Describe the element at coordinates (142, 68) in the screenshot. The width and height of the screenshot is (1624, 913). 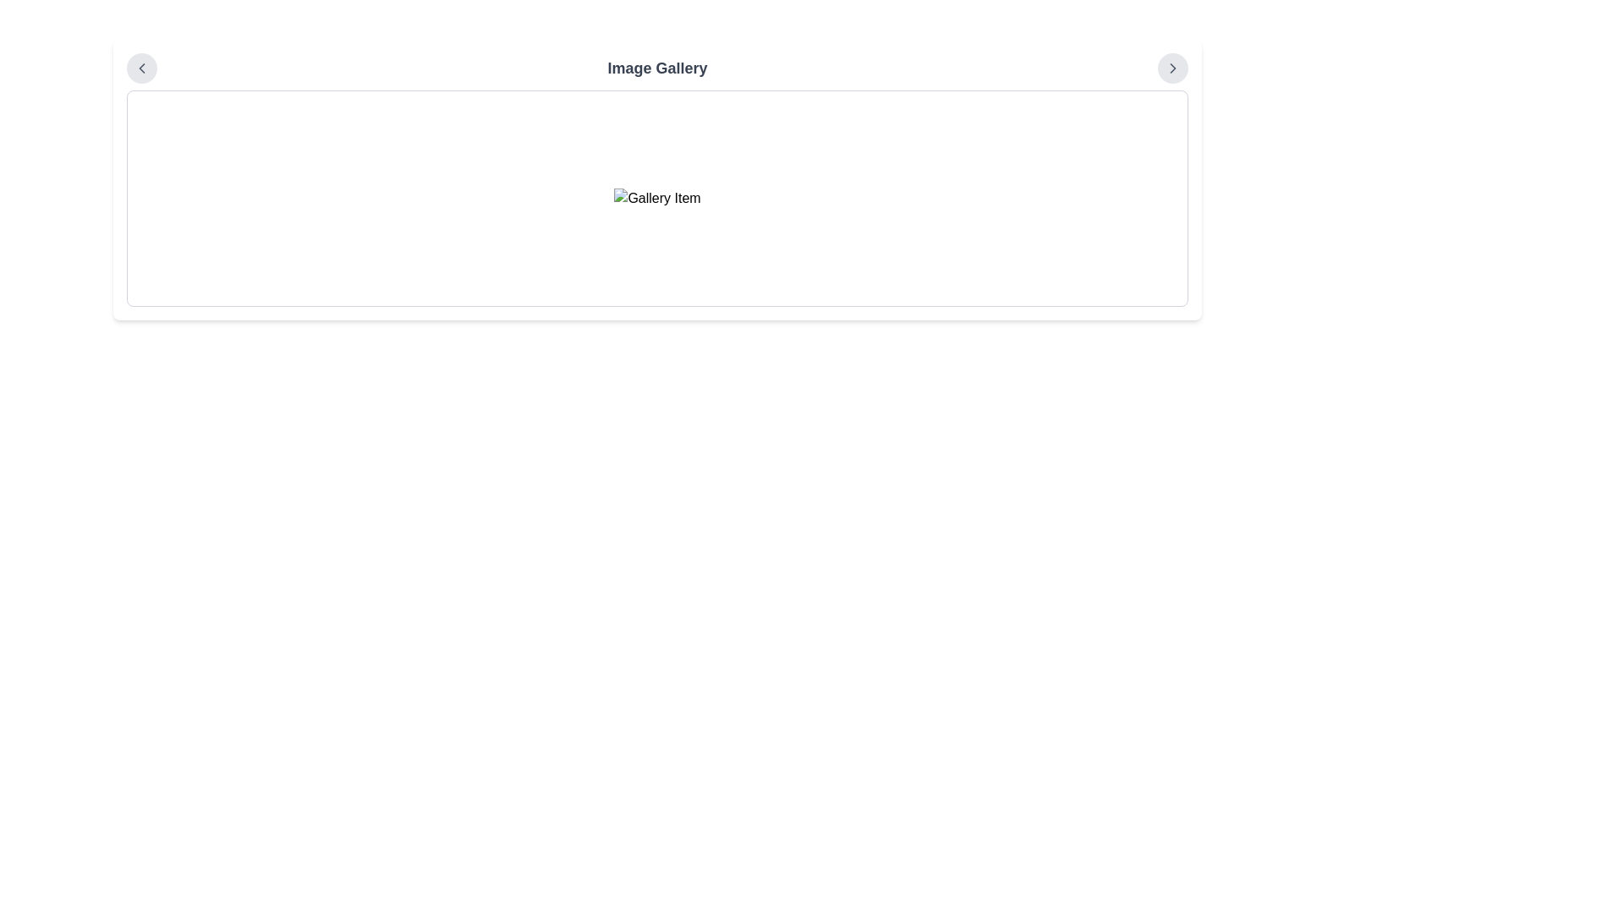
I see `the 'Backward' navigation button, which is a circular button with a light gray background located near the top-left corner of the content section in the image gallery interface` at that location.